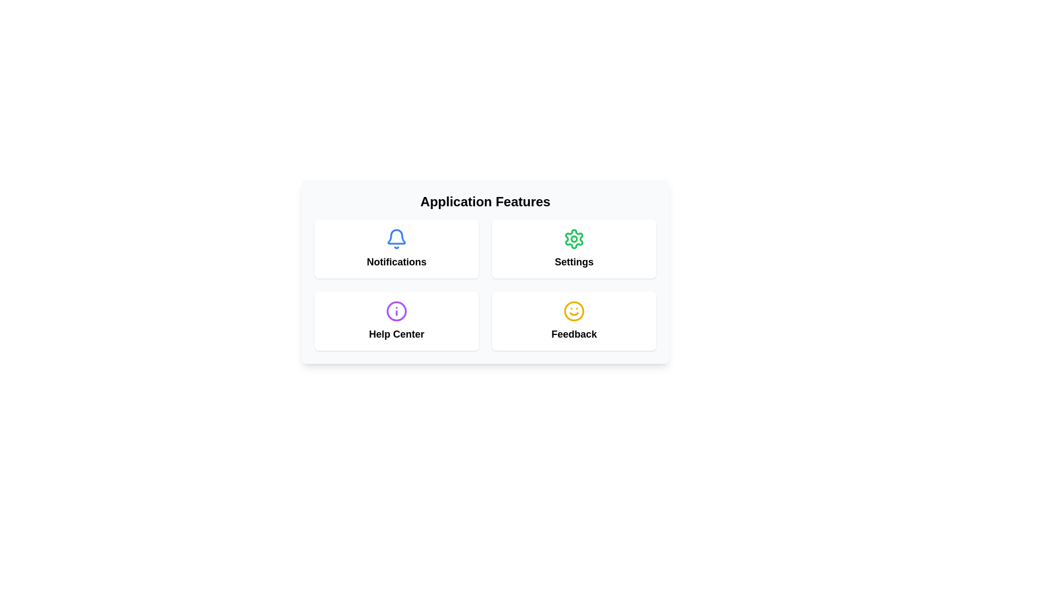  I want to click on the central circular background of the smiley emoji face within the bottom-right feature button labeled 'Feedback', so click(573, 311).